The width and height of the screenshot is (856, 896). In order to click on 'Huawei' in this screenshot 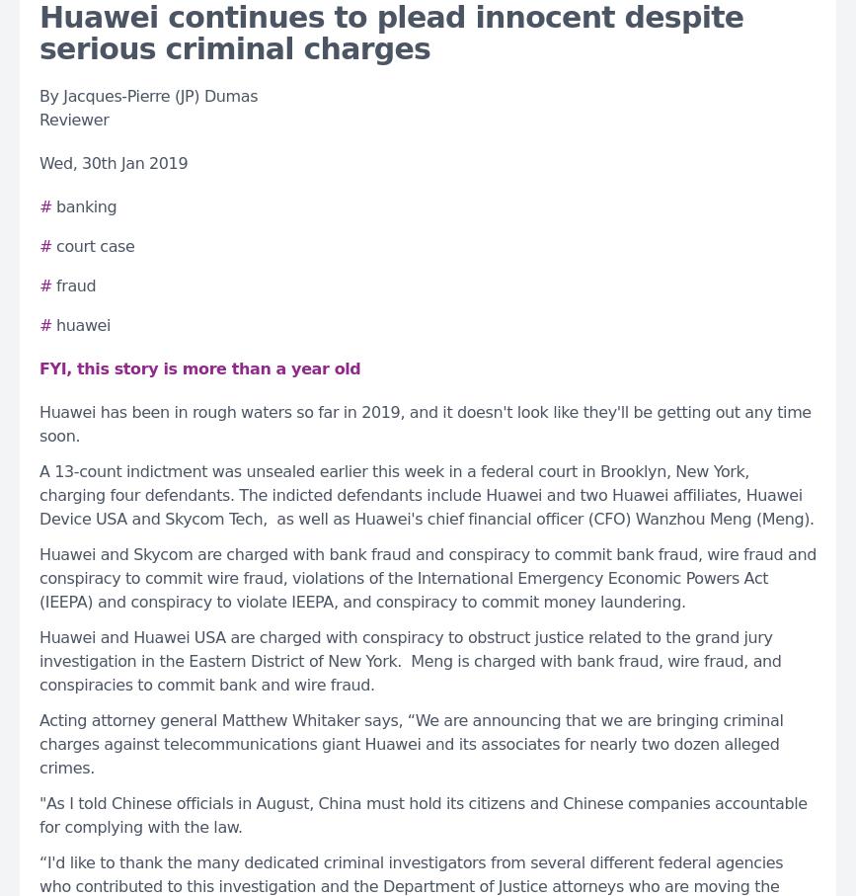, I will do `click(83, 324)`.